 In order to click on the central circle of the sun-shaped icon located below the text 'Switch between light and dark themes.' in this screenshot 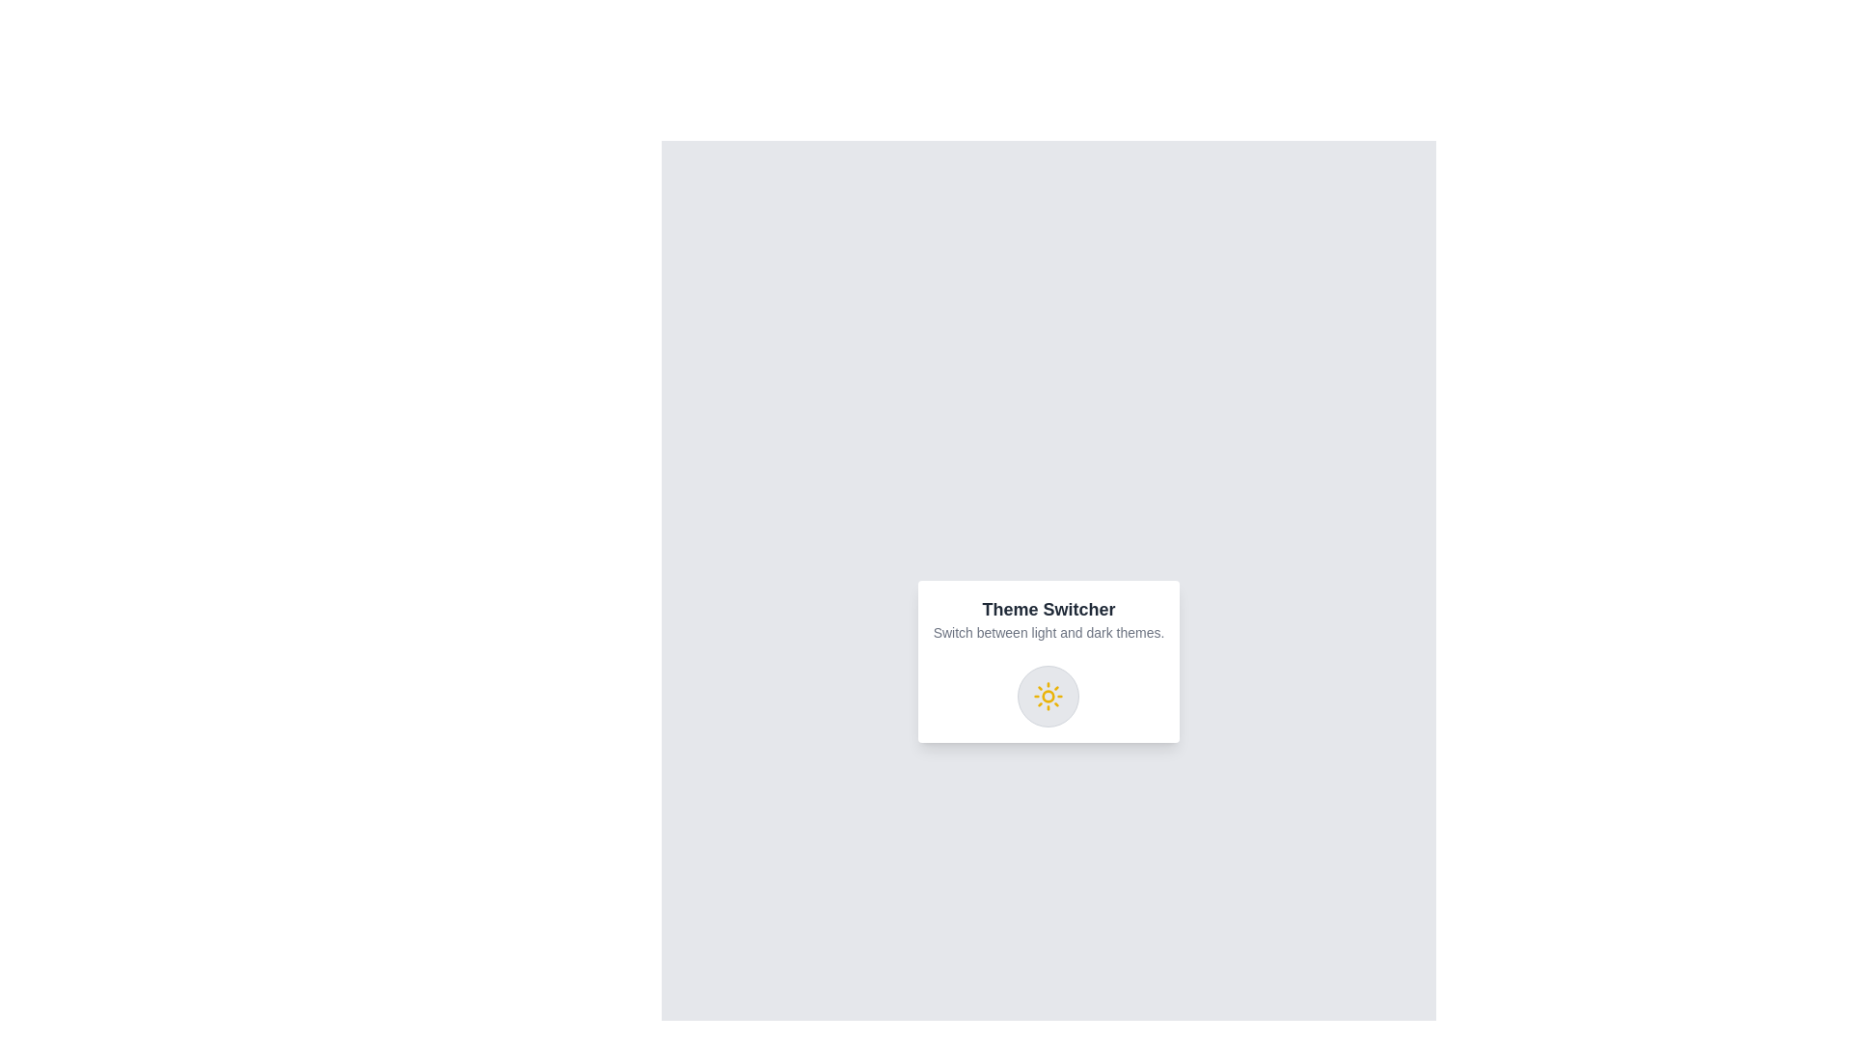, I will do `click(1048, 696)`.